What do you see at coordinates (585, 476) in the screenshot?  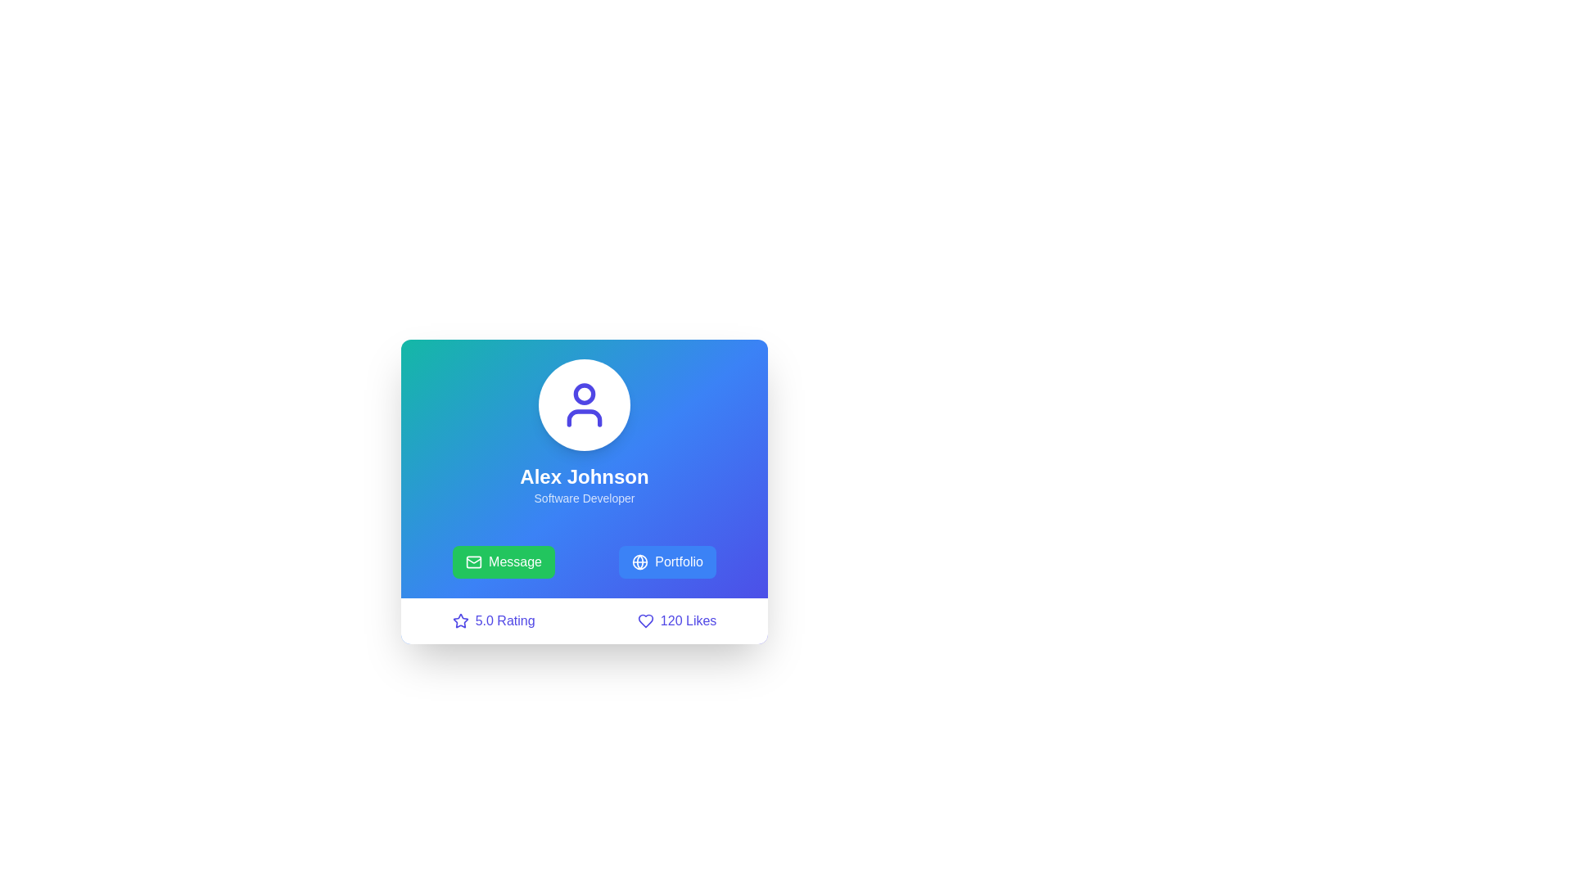 I see `the bold text label displaying 'Alex Johnson' that is centrally located beneath the user profile icon and above the designation 'Software Developer'` at bounding box center [585, 476].